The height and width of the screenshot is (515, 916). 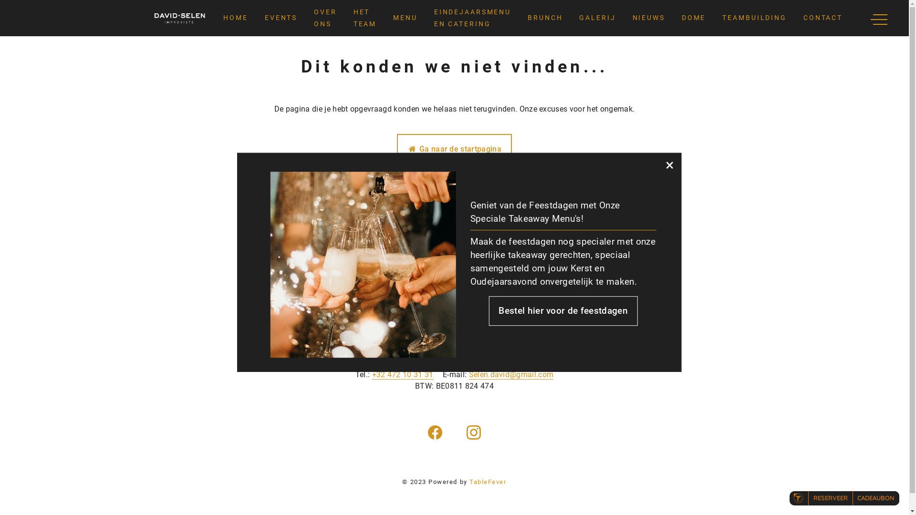 What do you see at coordinates (754, 18) in the screenshot?
I see `'TEAMBUILDING'` at bounding box center [754, 18].